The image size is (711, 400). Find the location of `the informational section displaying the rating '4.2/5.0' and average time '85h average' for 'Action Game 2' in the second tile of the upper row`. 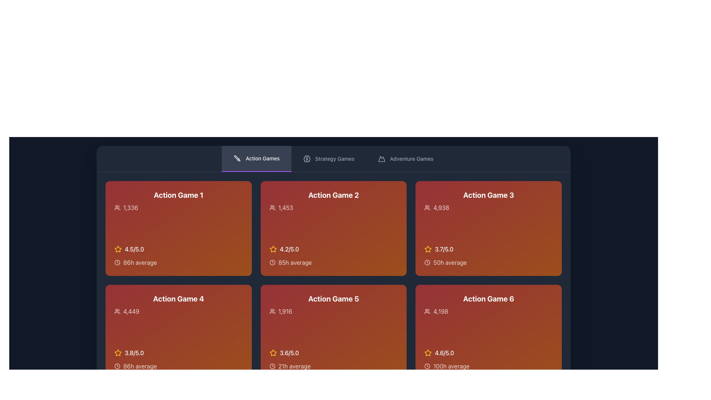

the informational section displaying the rating '4.2/5.0' and average time '85h average' for 'Action Game 2' in the second tile of the upper row is located at coordinates (333, 255).